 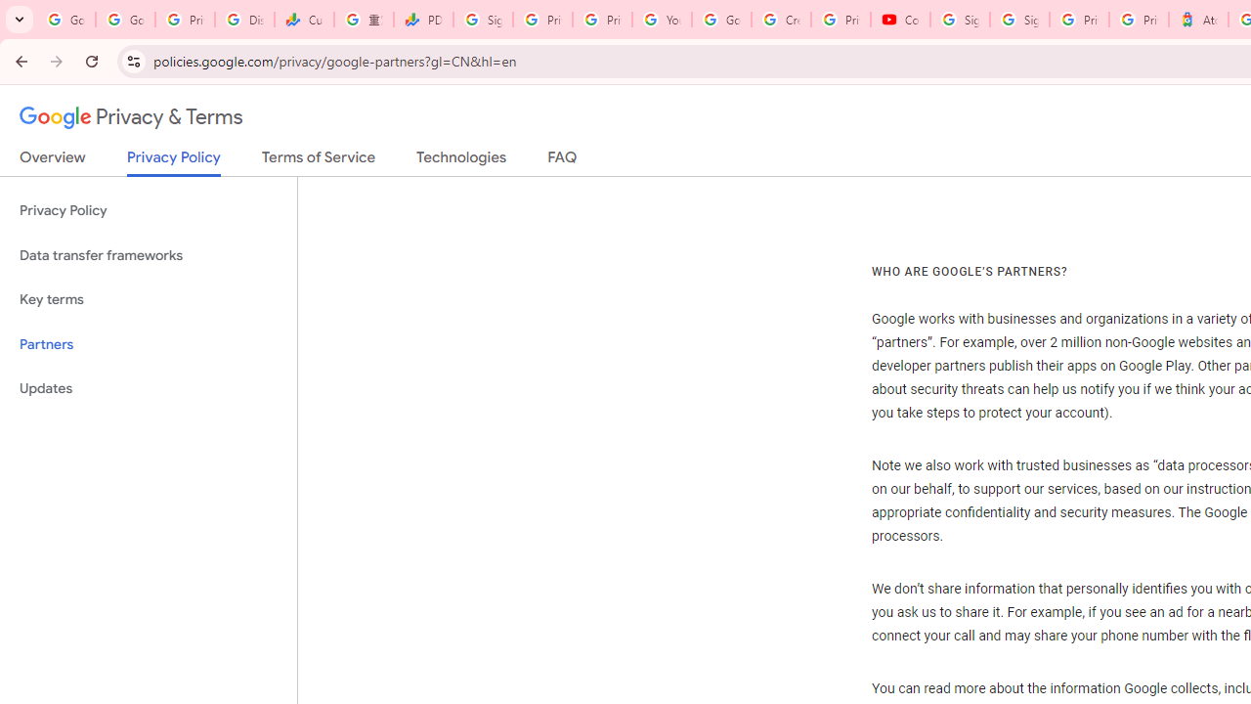 What do you see at coordinates (1018, 20) in the screenshot?
I see `'Sign in - Google Accounts'` at bounding box center [1018, 20].